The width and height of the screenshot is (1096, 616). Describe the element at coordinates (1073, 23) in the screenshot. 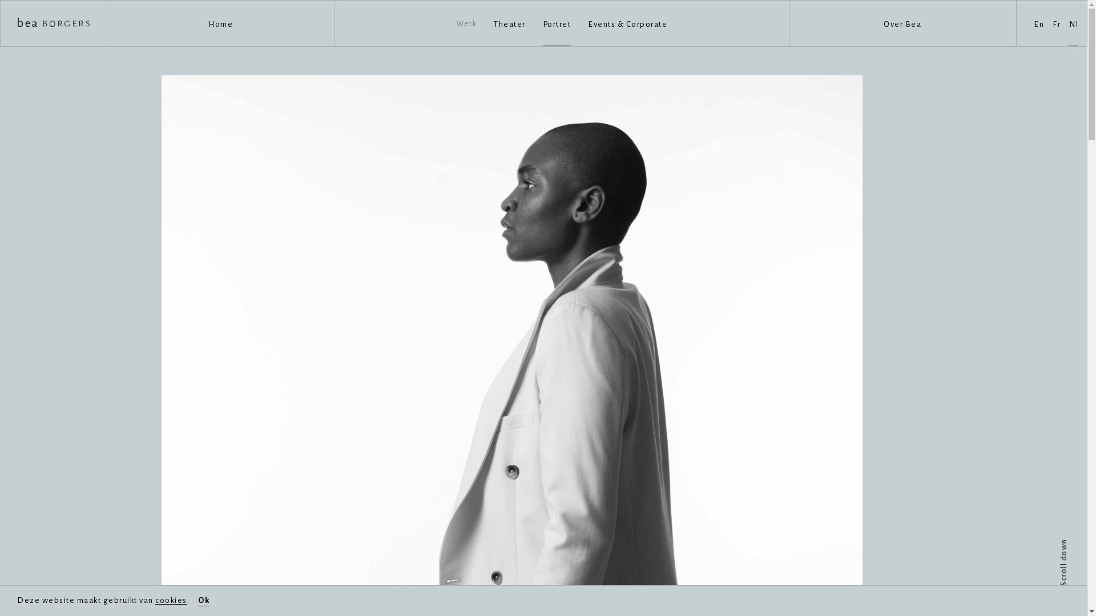

I see `'Nl'` at that location.